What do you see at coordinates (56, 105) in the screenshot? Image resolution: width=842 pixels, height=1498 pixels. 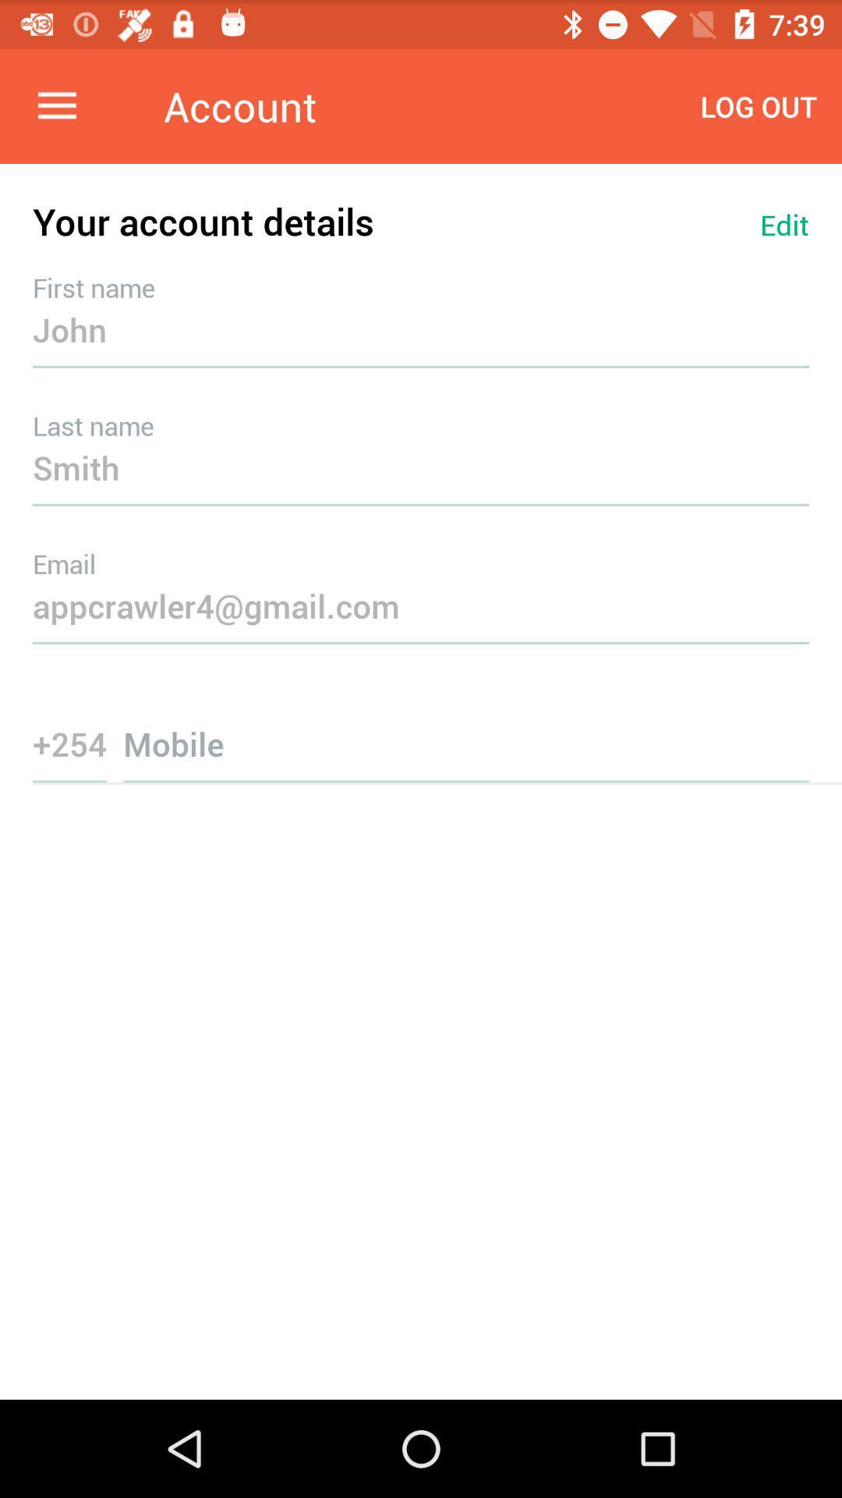 I see `icon at the top left corner` at bounding box center [56, 105].